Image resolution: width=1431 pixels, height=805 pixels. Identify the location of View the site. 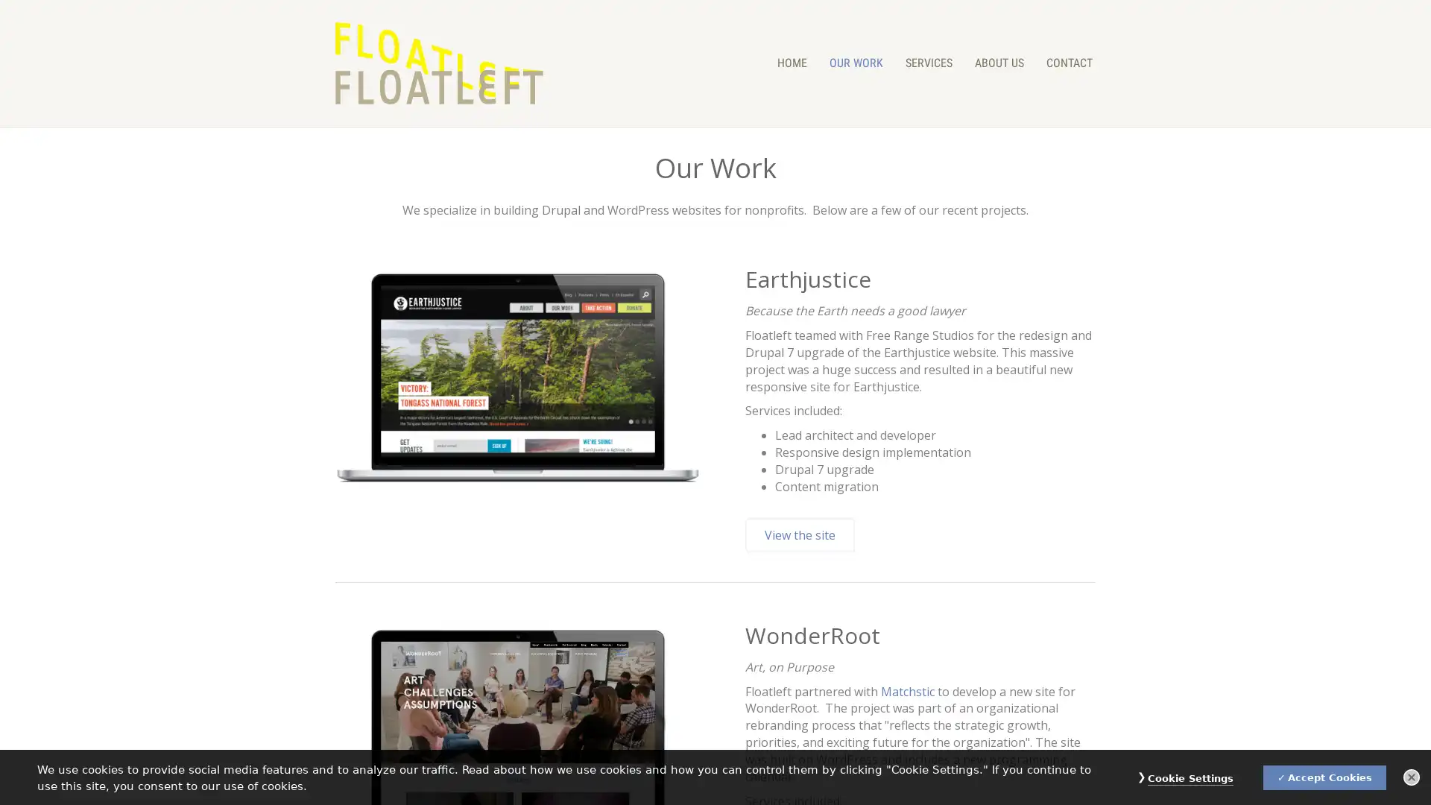
(799, 534).